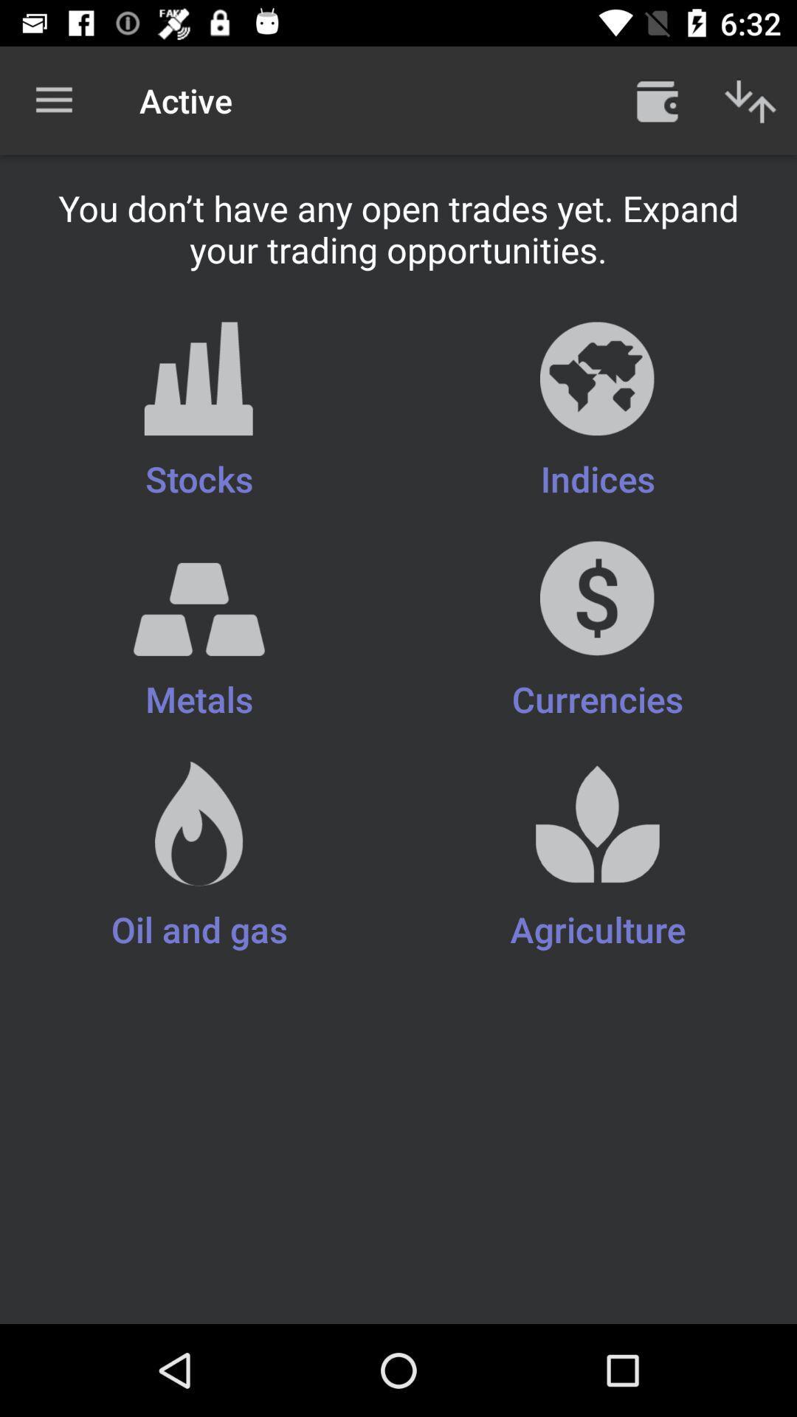 This screenshot has width=797, height=1417. I want to click on the stocks, so click(199, 412).